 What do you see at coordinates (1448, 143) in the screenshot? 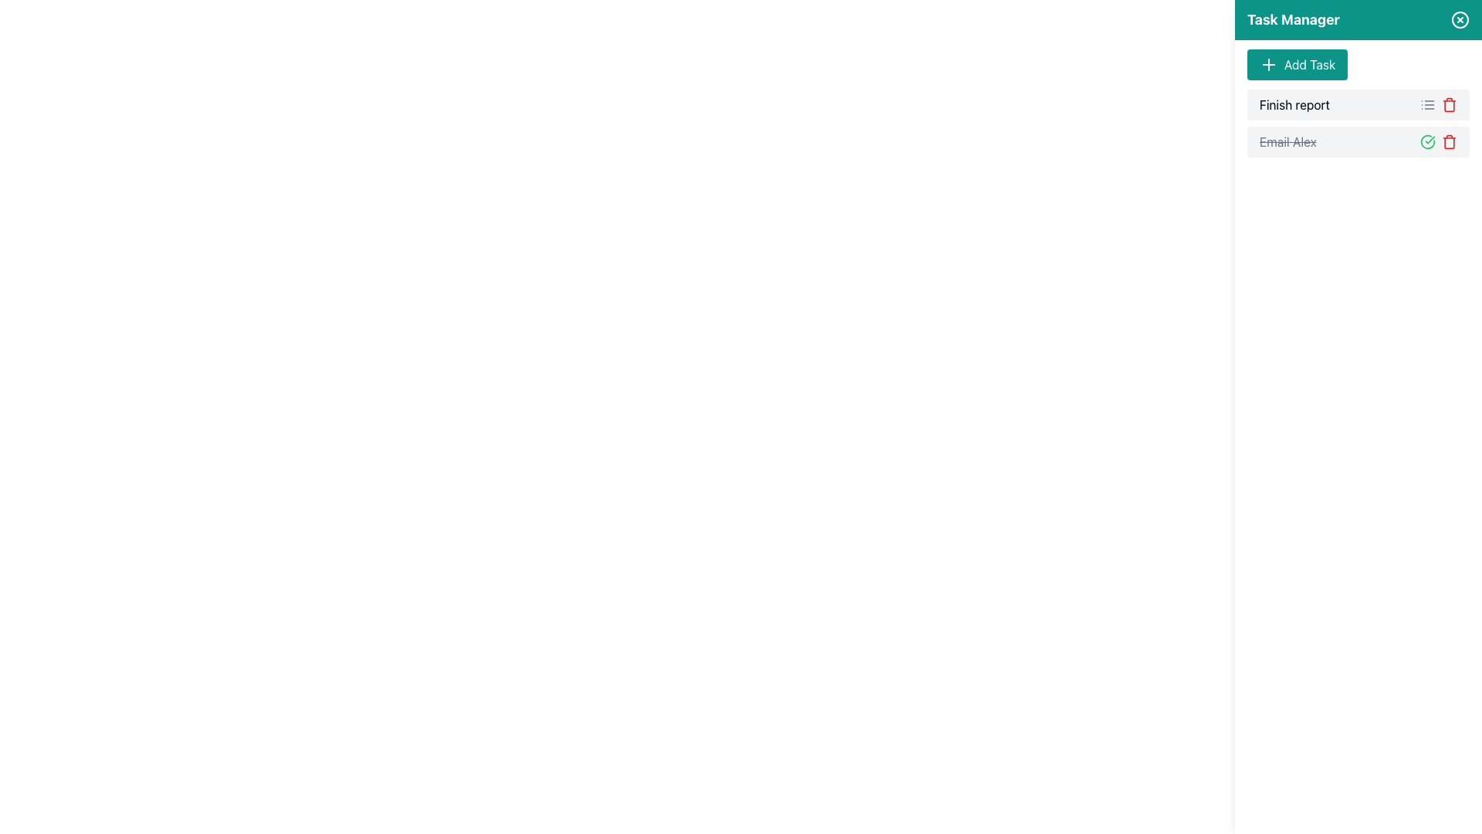
I see `the middle vertical line of the trash can icon, which represents delete functionality in the user interface` at bounding box center [1448, 143].